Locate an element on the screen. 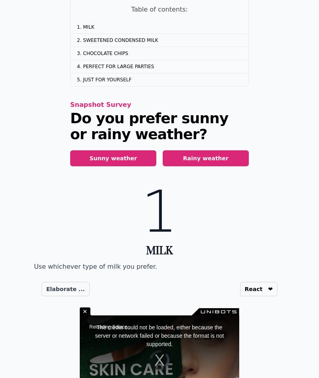 The image size is (319, 378). 'The media could not be loaded, either because the server or network failed or because the format is not supported.' is located at coordinates (159, 335).